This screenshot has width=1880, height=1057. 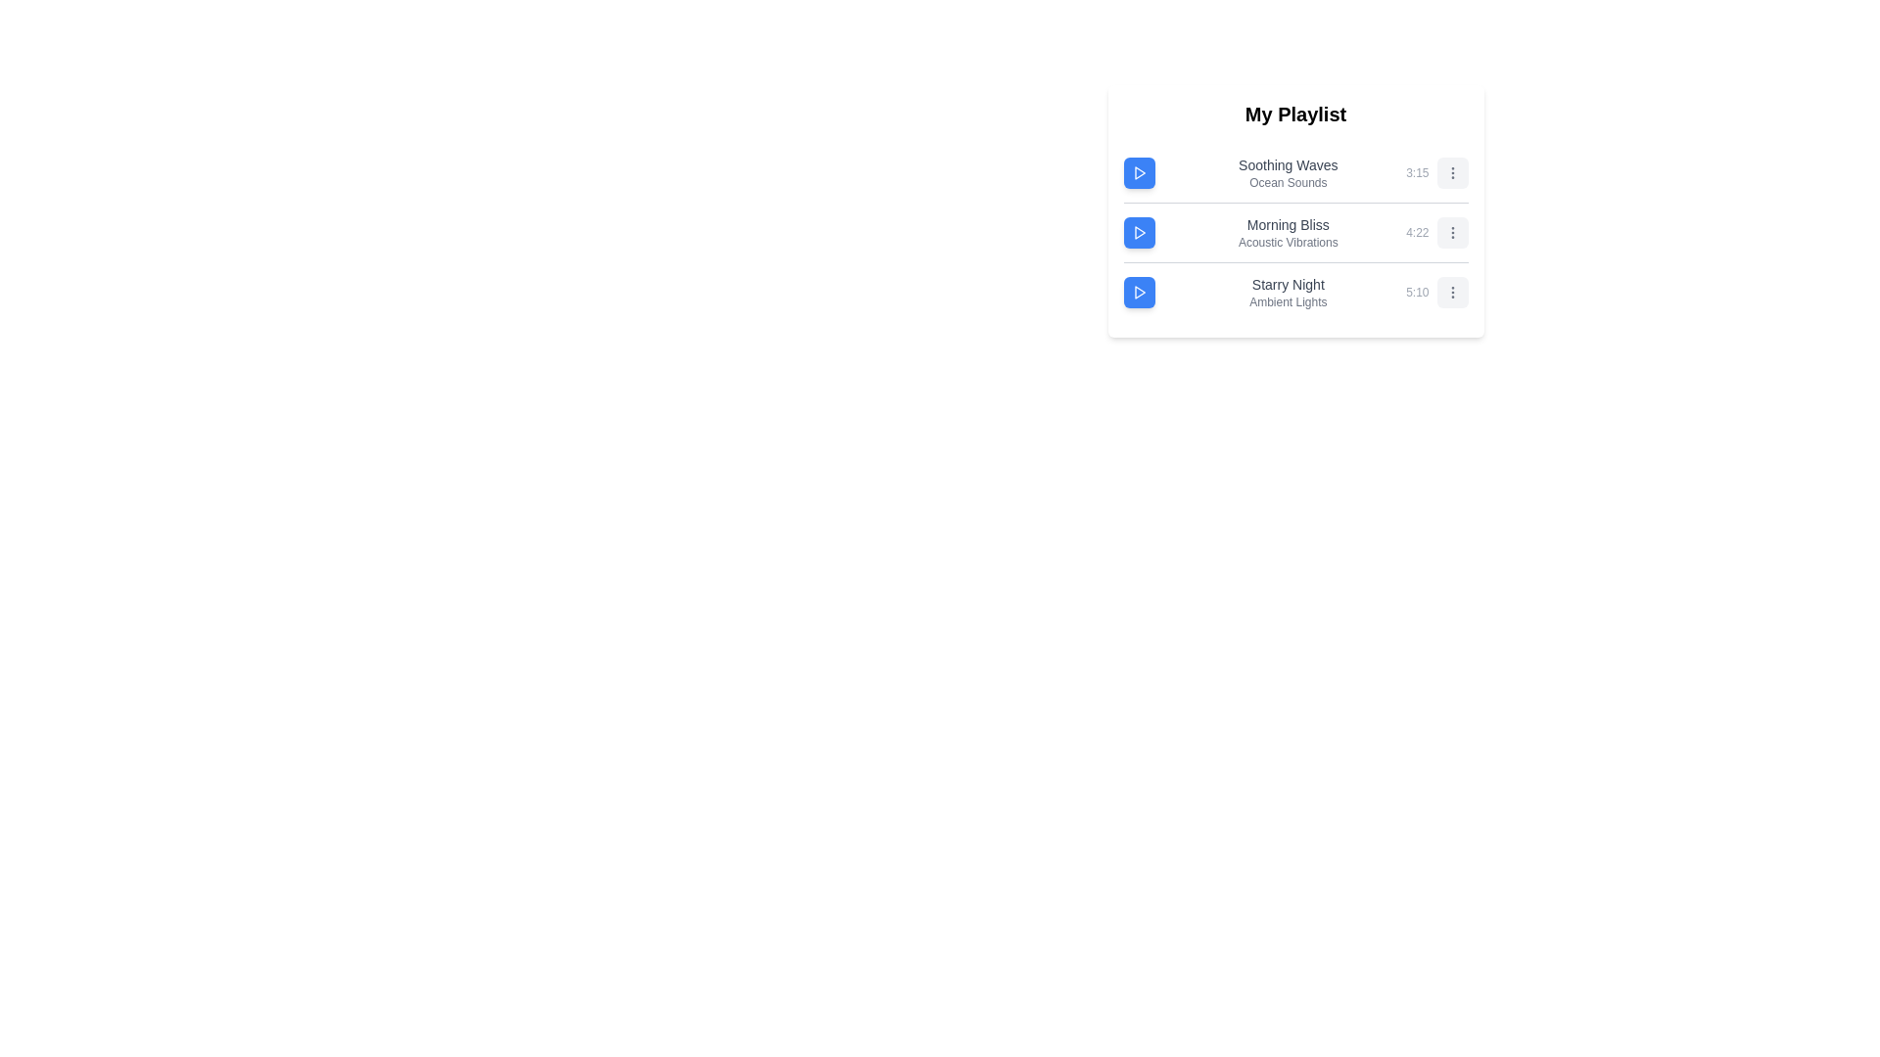 What do you see at coordinates (1288, 293) in the screenshot?
I see `the Label displaying 'Starry Night' in a vertical list under 'My Playlist', located between the blue play button and the duration/options menu` at bounding box center [1288, 293].